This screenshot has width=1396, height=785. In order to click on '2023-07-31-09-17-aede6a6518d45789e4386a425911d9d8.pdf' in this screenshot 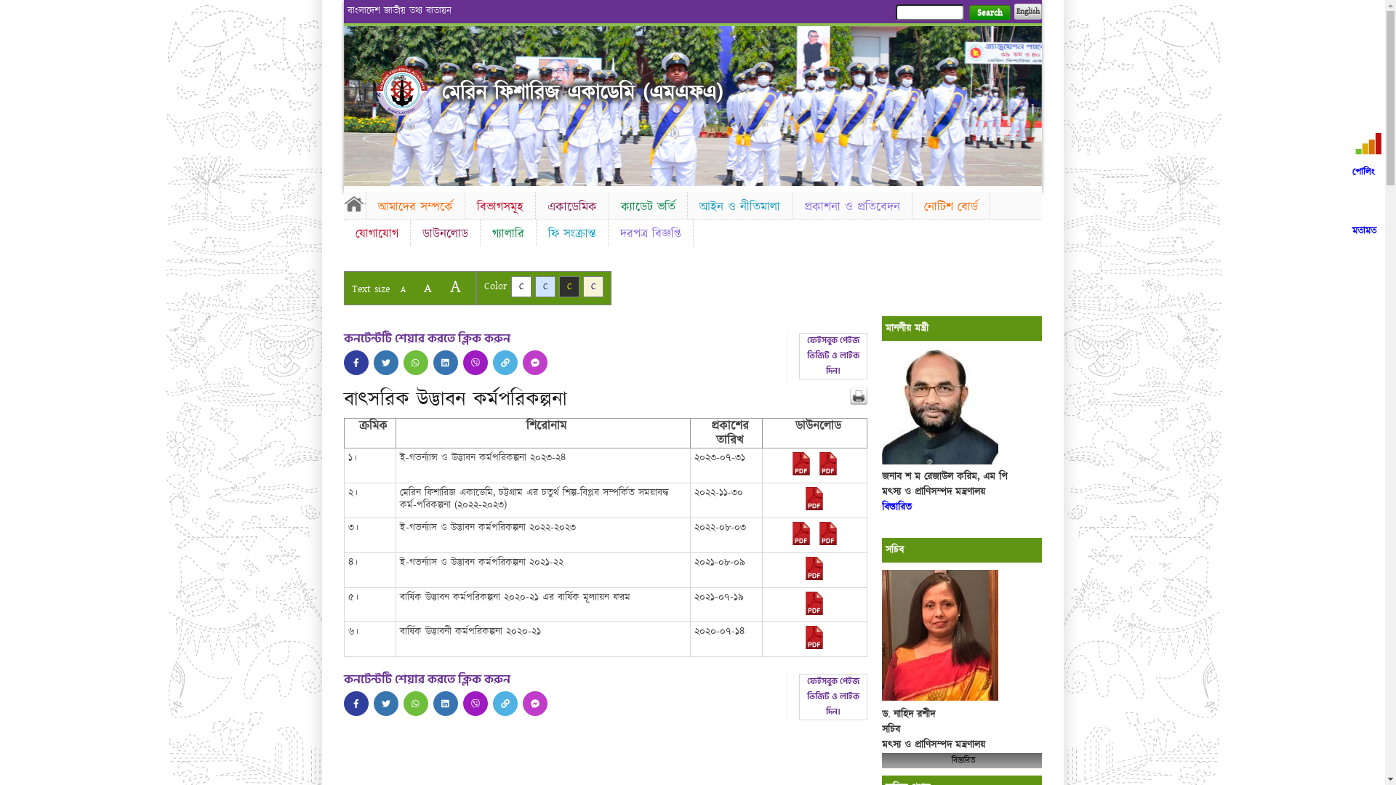, I will do `click(827, 472)`.